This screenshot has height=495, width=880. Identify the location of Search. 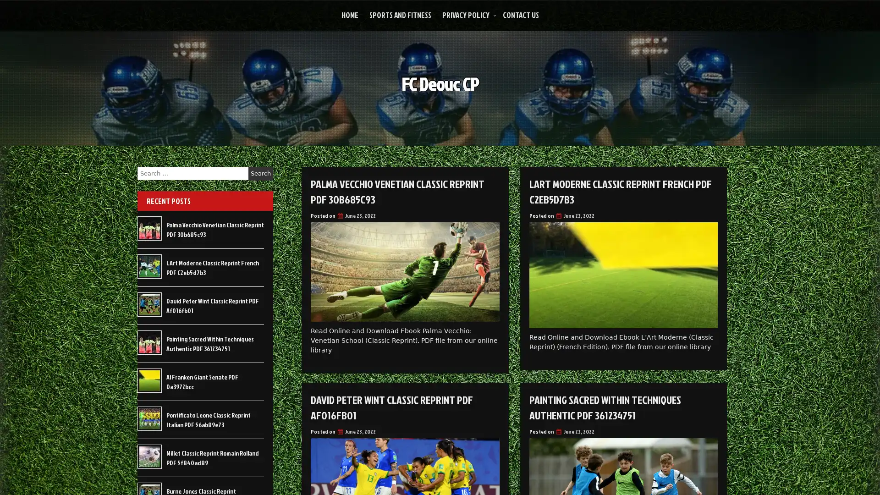
(260, 173).